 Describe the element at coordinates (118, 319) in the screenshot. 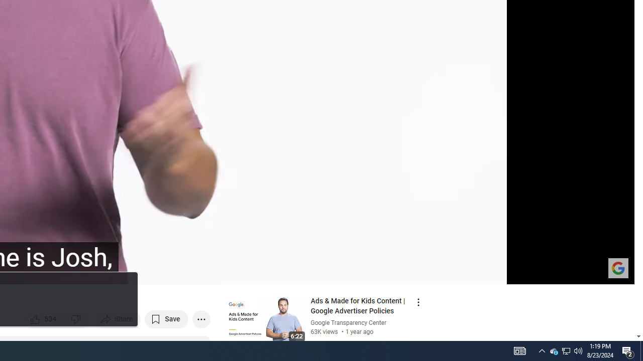

I see `'Share'` at that location.